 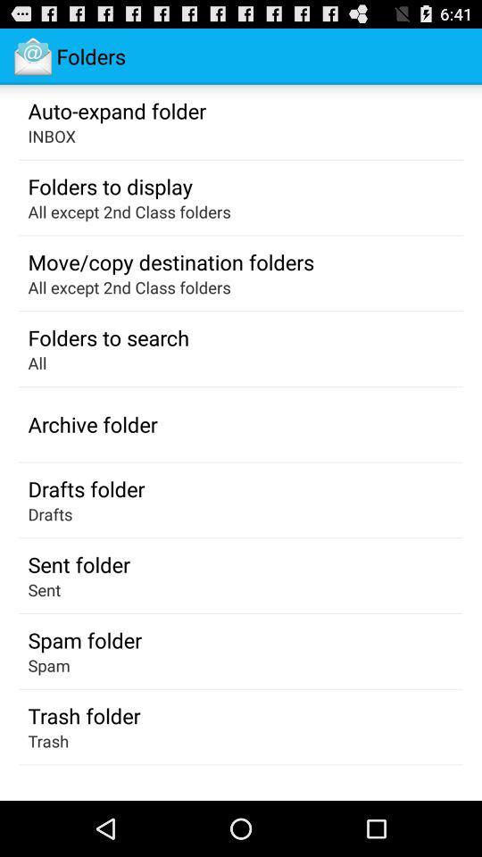 I want to click on app below the all except 2nd, so click(x=170, y=261).